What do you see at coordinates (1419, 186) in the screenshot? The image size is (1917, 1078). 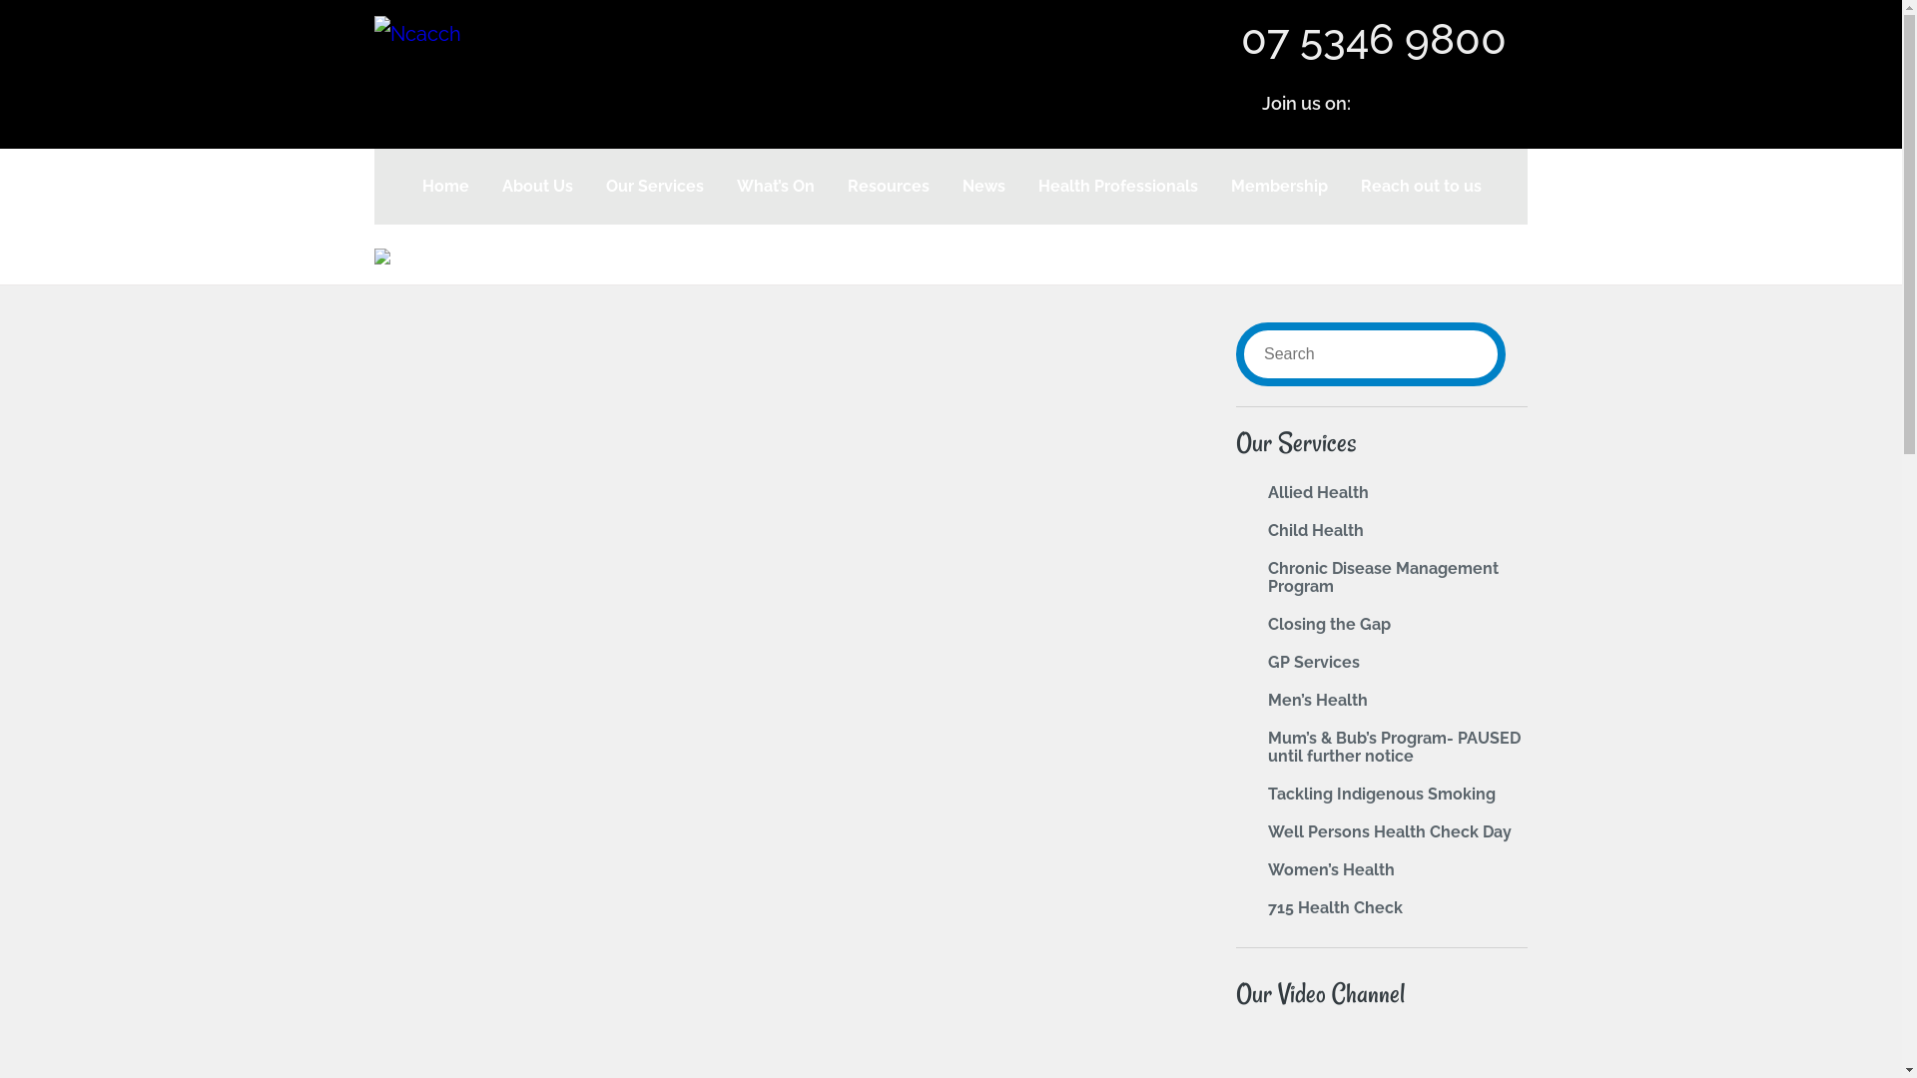 I see `'Reach out to us'` at bounding box center [1419, 186].